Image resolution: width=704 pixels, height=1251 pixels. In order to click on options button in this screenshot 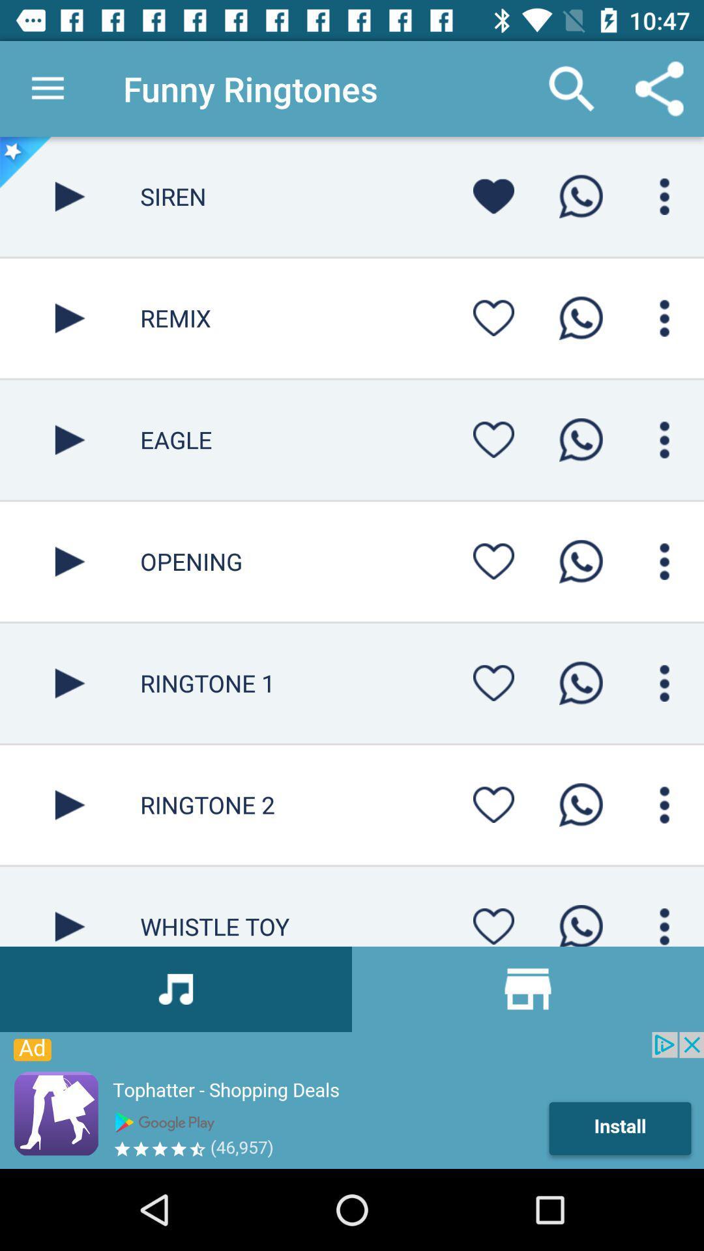, I will do `click(664, 682)`.